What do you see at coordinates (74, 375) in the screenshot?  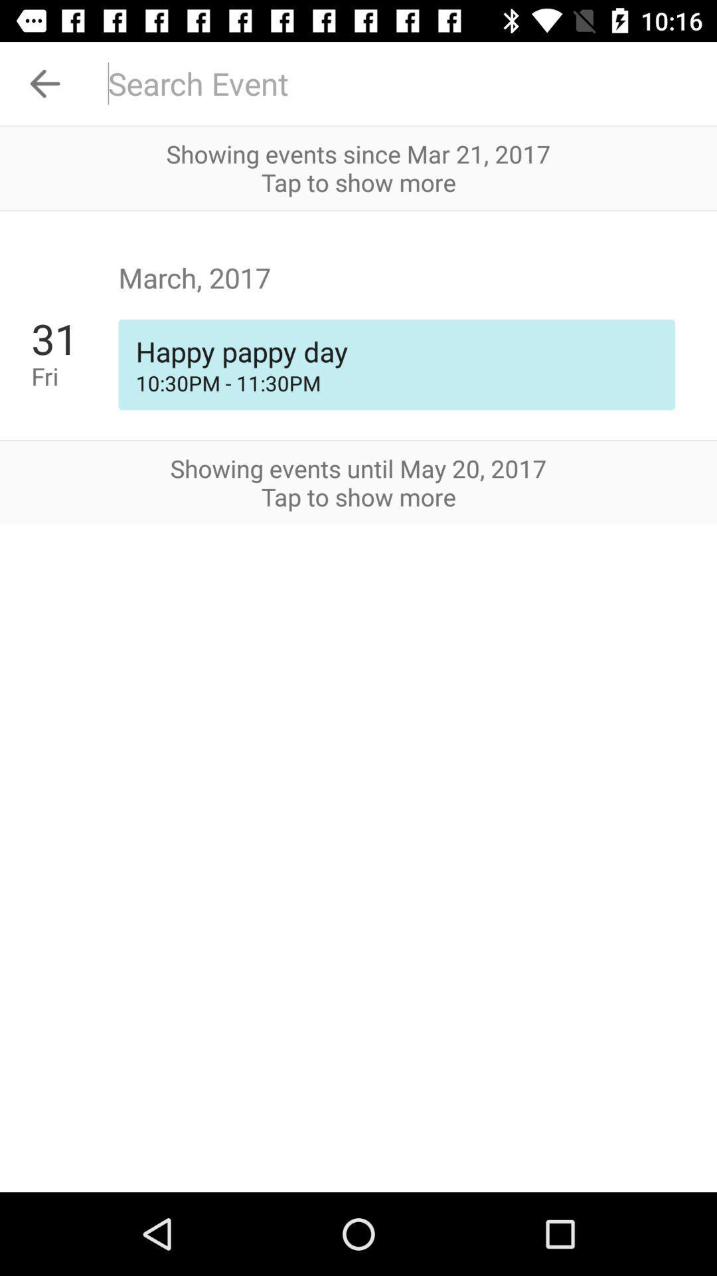 I see `item next to the happy pappy day item` at bounding box center [74, 375].